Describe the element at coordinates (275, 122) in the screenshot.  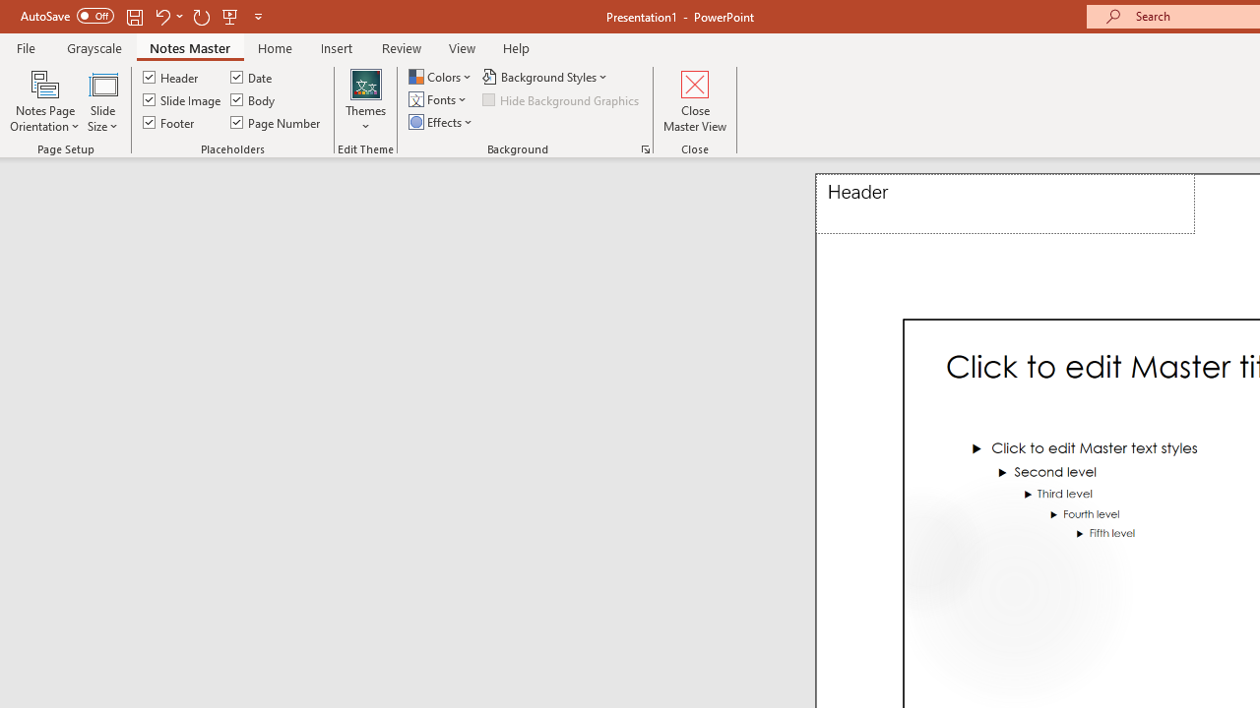
I see `'Page Number'` at that location.